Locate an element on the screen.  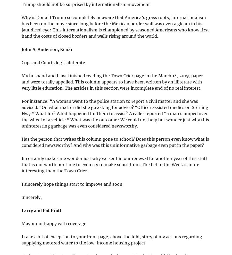
'Has the person that writes this column gone to school? Does this person even know what is considered newsworthy? And why was this uninformative garbage even put in the paper?' is located at coordinates (115, 142).